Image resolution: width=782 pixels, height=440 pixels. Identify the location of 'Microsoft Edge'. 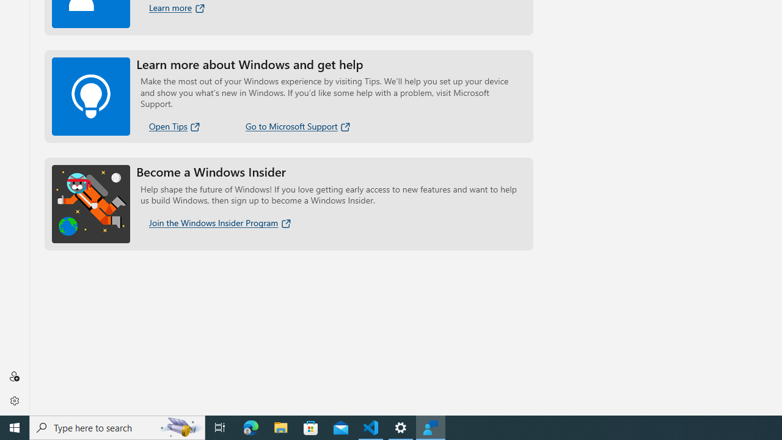
(250, 427).